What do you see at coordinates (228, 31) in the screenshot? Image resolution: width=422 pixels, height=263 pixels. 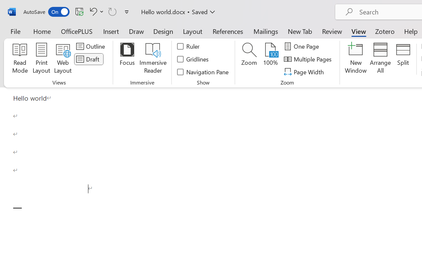 I see `'References'` at bounding box center [228, 31].